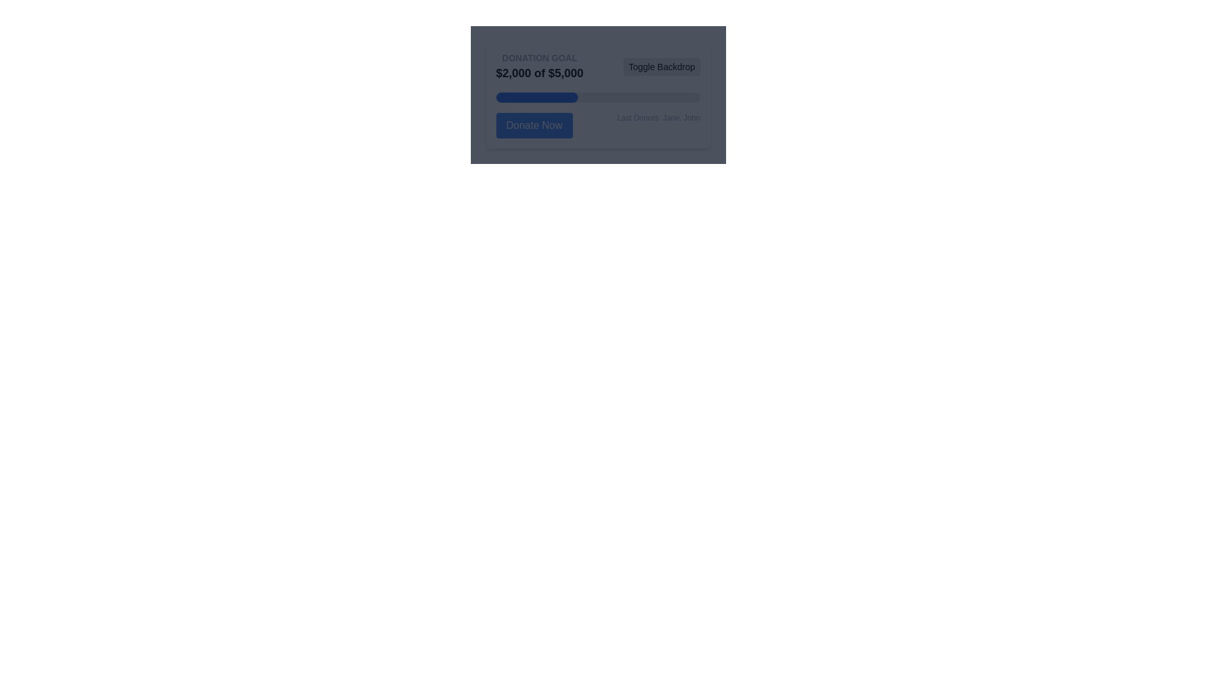 The width and height of the screenshot is (1225, 689). I want to click on the monetary progress comparison text label displaying '$2,000 of $5,000', located below the 'Donation Goal' title, so click(540, 73).